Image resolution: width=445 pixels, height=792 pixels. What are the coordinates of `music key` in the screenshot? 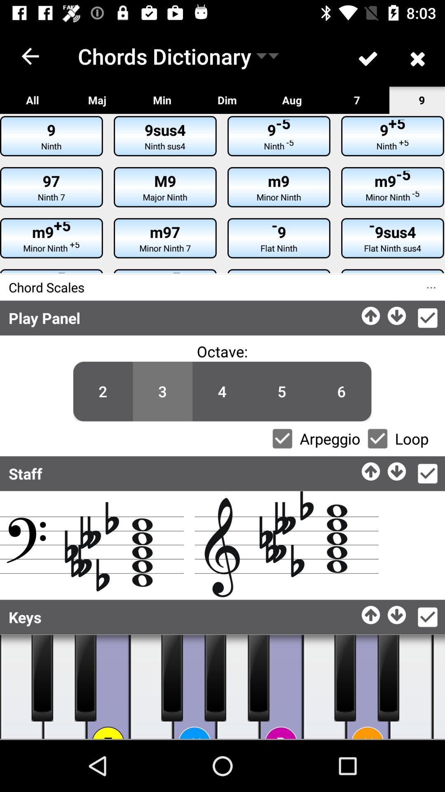 It's located at (411, 687).